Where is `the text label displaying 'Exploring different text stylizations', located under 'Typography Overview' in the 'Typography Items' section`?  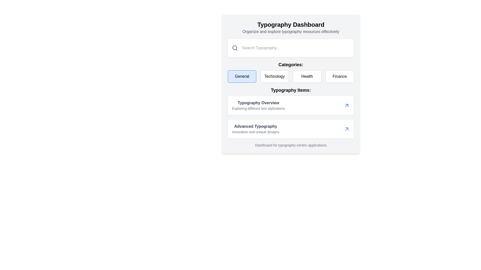 the text label displaying 'Exploring different text stylizations', located under 'Typography Overview' in the 'Typography Items' section is located at coordinates (258, 108).